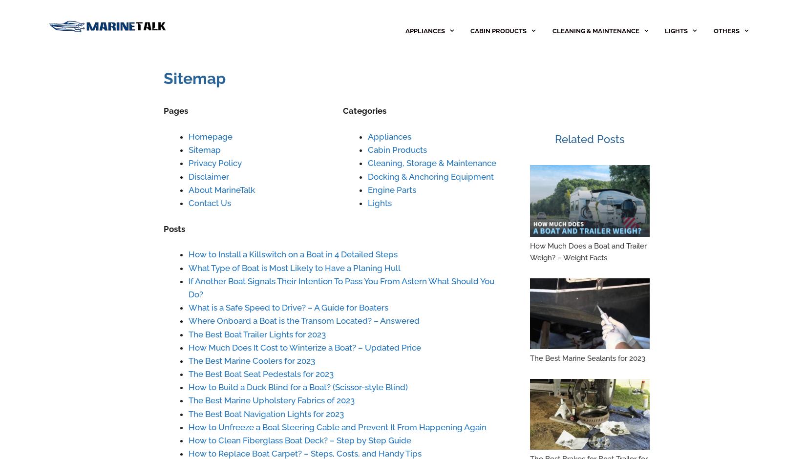 Image resolution: width=806 pixels, height=459 pixels. What do you see at coordinates (396, 149) in the screenshot?
I see `'Cabin Products'` at bounding box center [396, 149].